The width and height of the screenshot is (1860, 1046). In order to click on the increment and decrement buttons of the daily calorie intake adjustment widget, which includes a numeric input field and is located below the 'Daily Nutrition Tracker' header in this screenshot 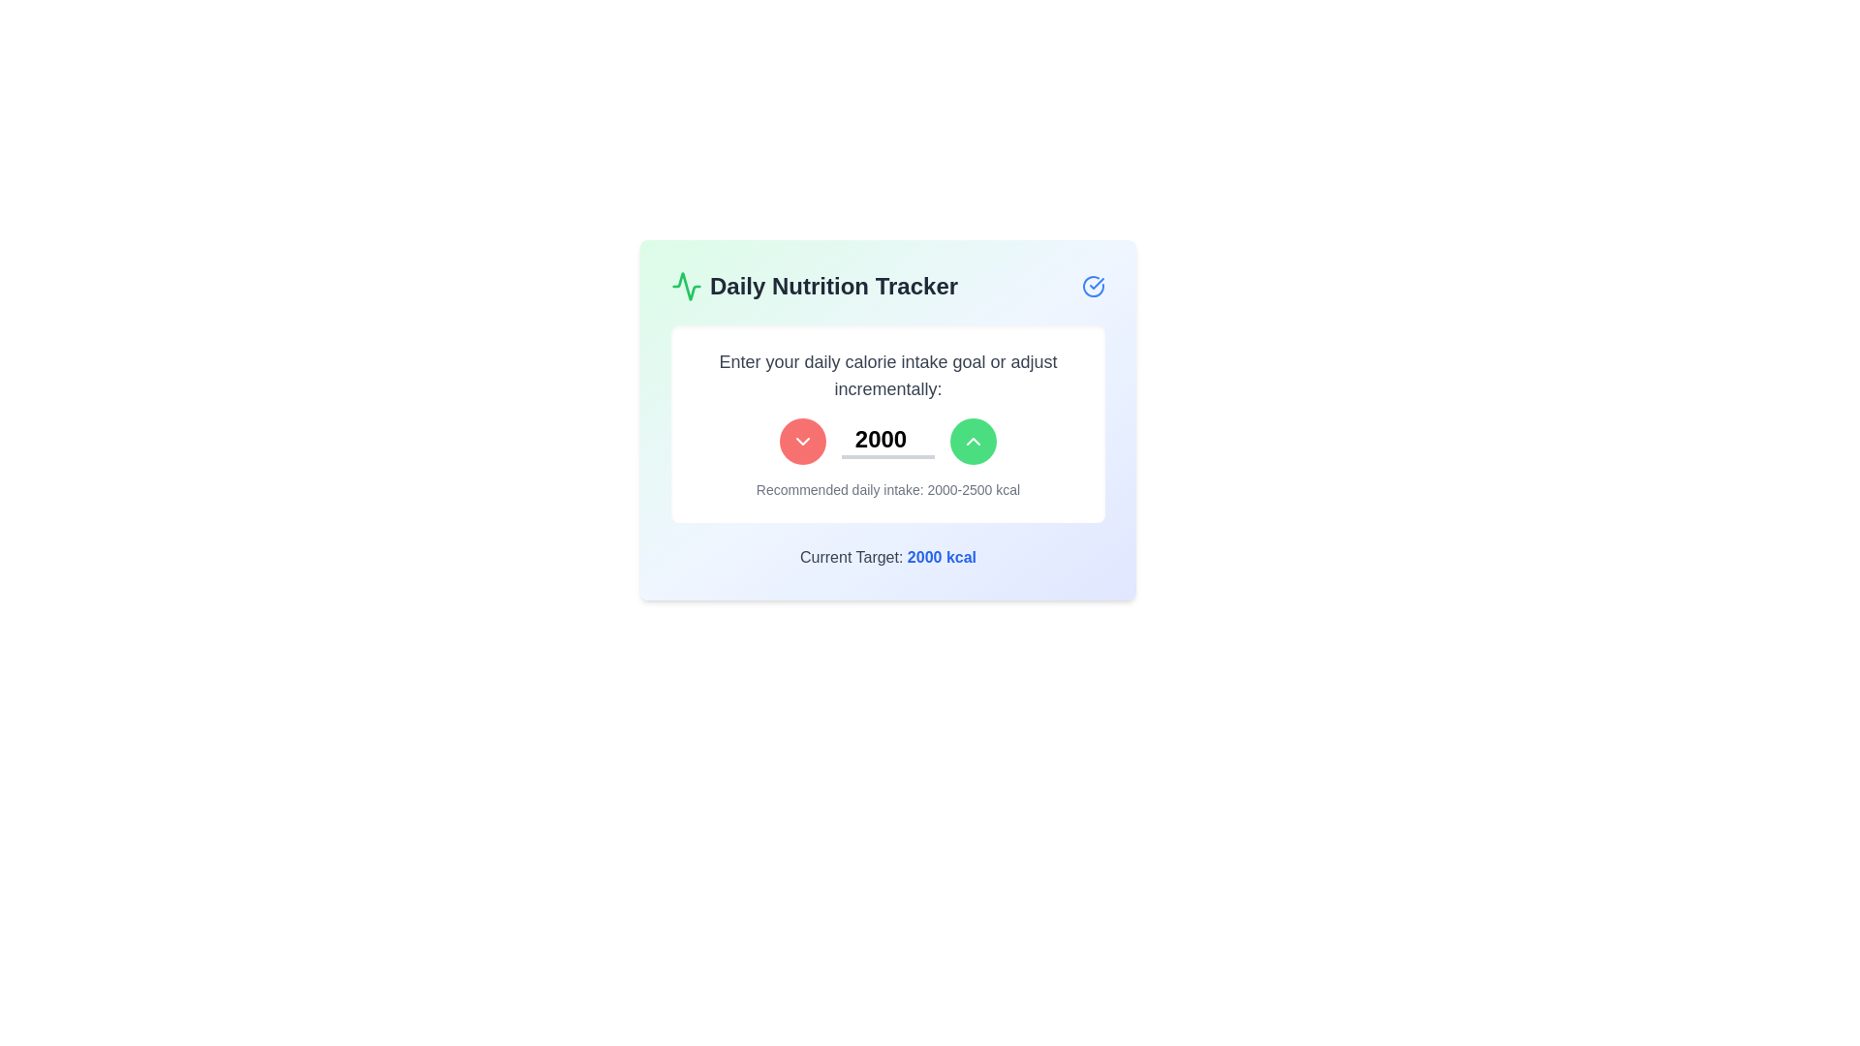, I will do `click(886, 423)`.